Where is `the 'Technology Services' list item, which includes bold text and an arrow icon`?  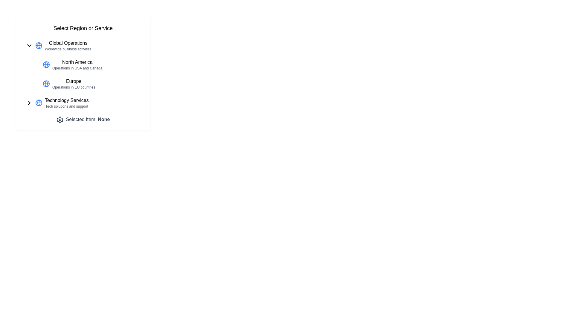
the 'Technology Services' list item, which includes bold text and an arrow icon is located at coordinates (83, 102).